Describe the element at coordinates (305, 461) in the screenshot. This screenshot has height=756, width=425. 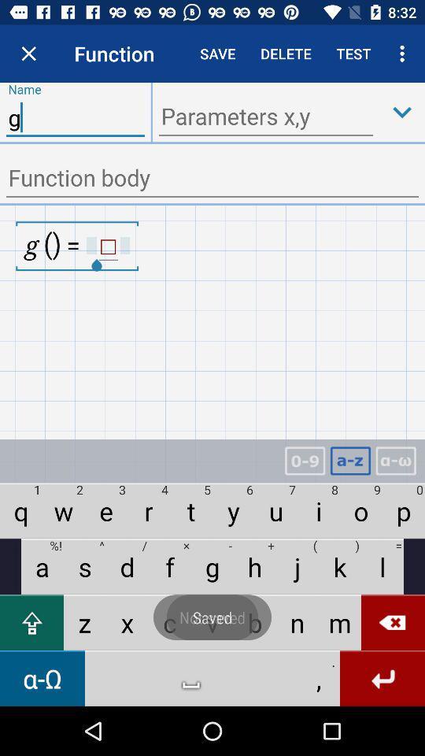
I see `excel numbers symbol` at that location.